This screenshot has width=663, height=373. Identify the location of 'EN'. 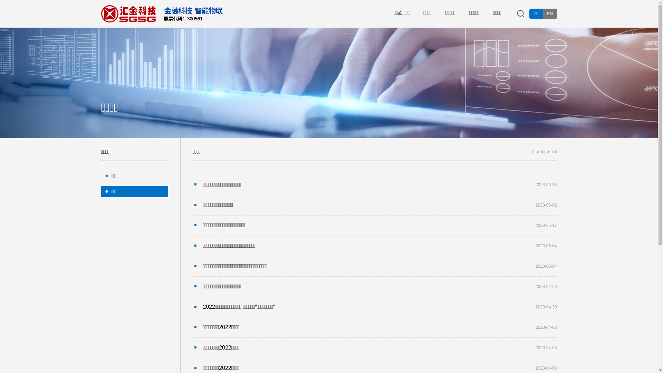
(549, 13).